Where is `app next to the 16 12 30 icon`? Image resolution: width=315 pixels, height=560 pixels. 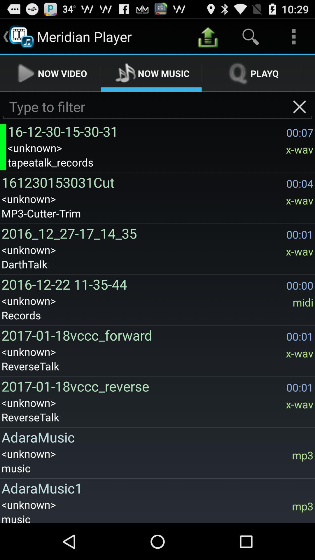
app next to the 16 12 30 icon is located at coordinates (300, 107).